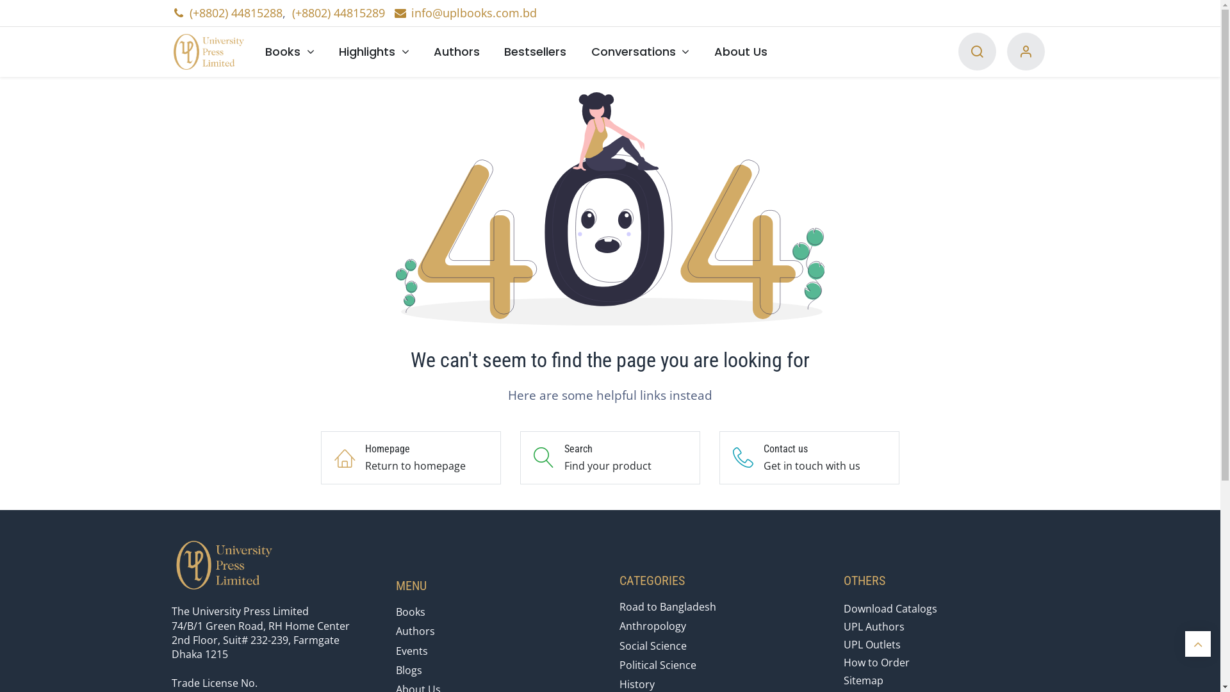 The width and height of the screenshot is (1230, 692). Describe the element at coordinates (619, 625) in the screenshot. I see `'Anthropology'` at that location.